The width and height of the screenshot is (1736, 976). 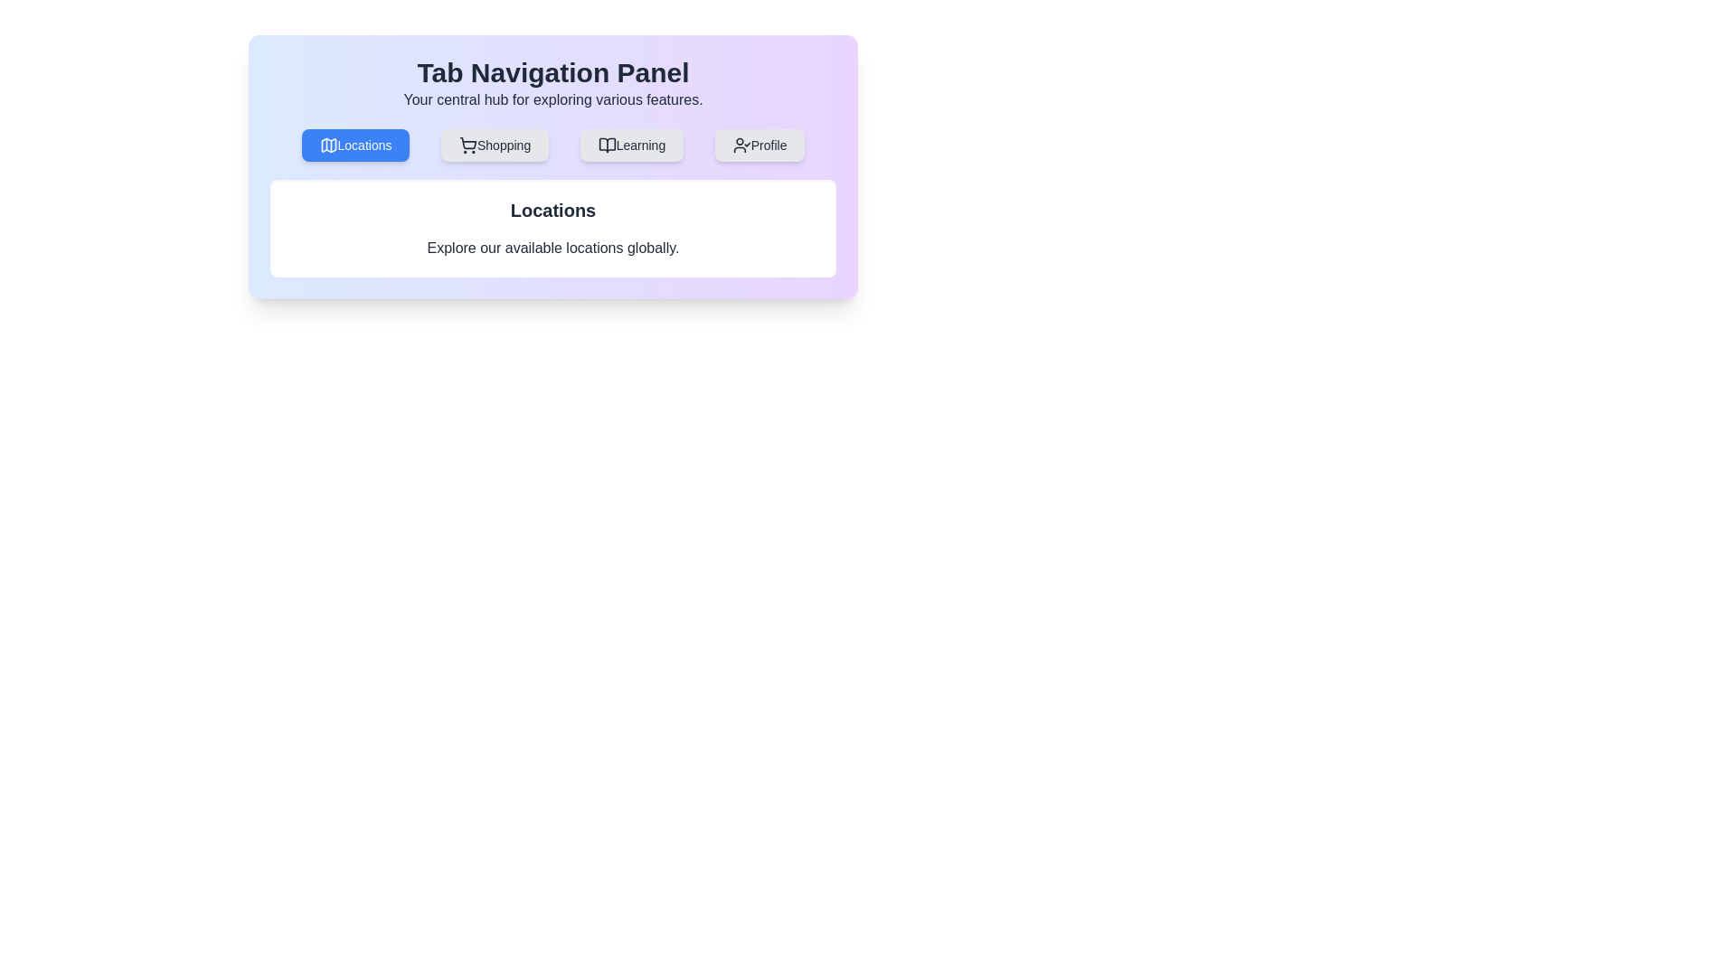 What do you see at coordinates (355, 145) in the screenshot?
I see `the Locations tab by clicking on its button` at bounding box center [355, 145].